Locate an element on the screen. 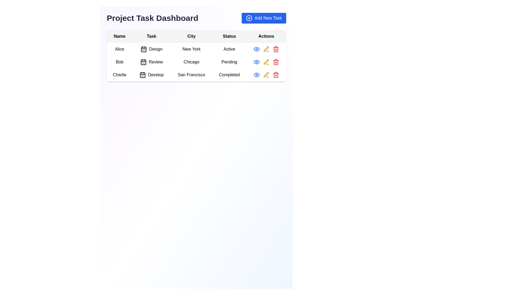 The width and height of the screenshot is (515, 289). the action icons in the 'Actions' column of the first row, which corresponds to the entry for 'Alice' from 'New York' is located at coordinates (266, 49).